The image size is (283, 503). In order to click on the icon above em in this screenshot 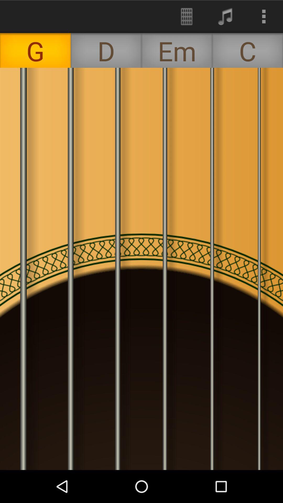, I will do `click(225, 16)`.